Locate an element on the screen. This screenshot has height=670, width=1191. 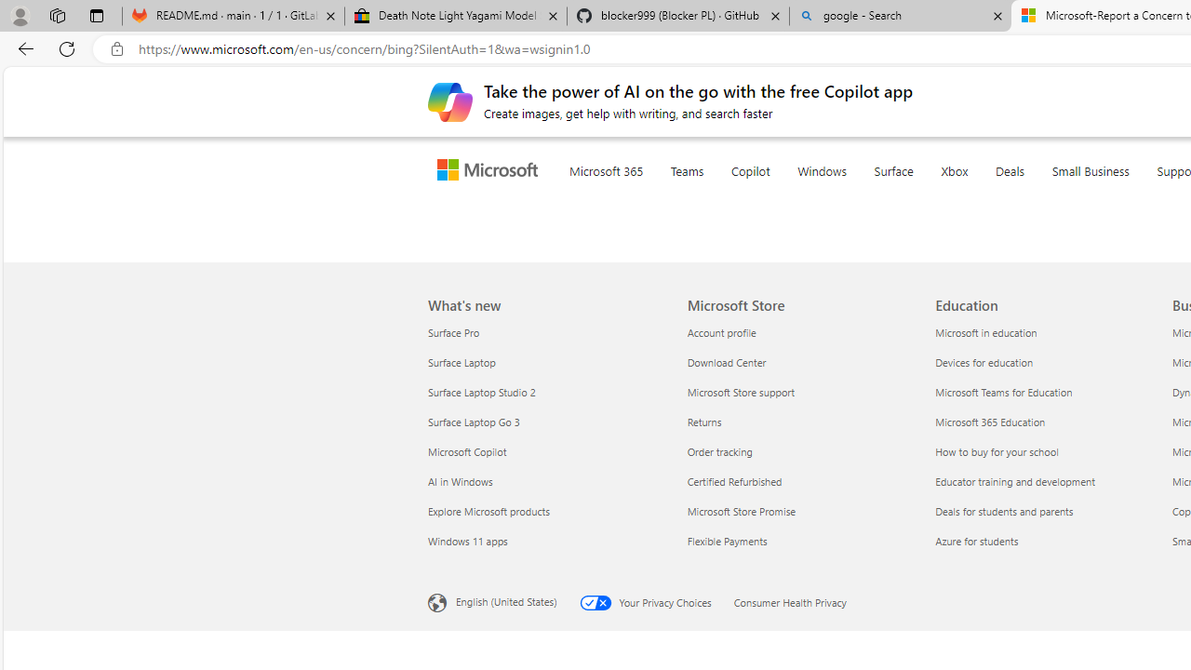
'Surface' is located at coordinates (930, 194).